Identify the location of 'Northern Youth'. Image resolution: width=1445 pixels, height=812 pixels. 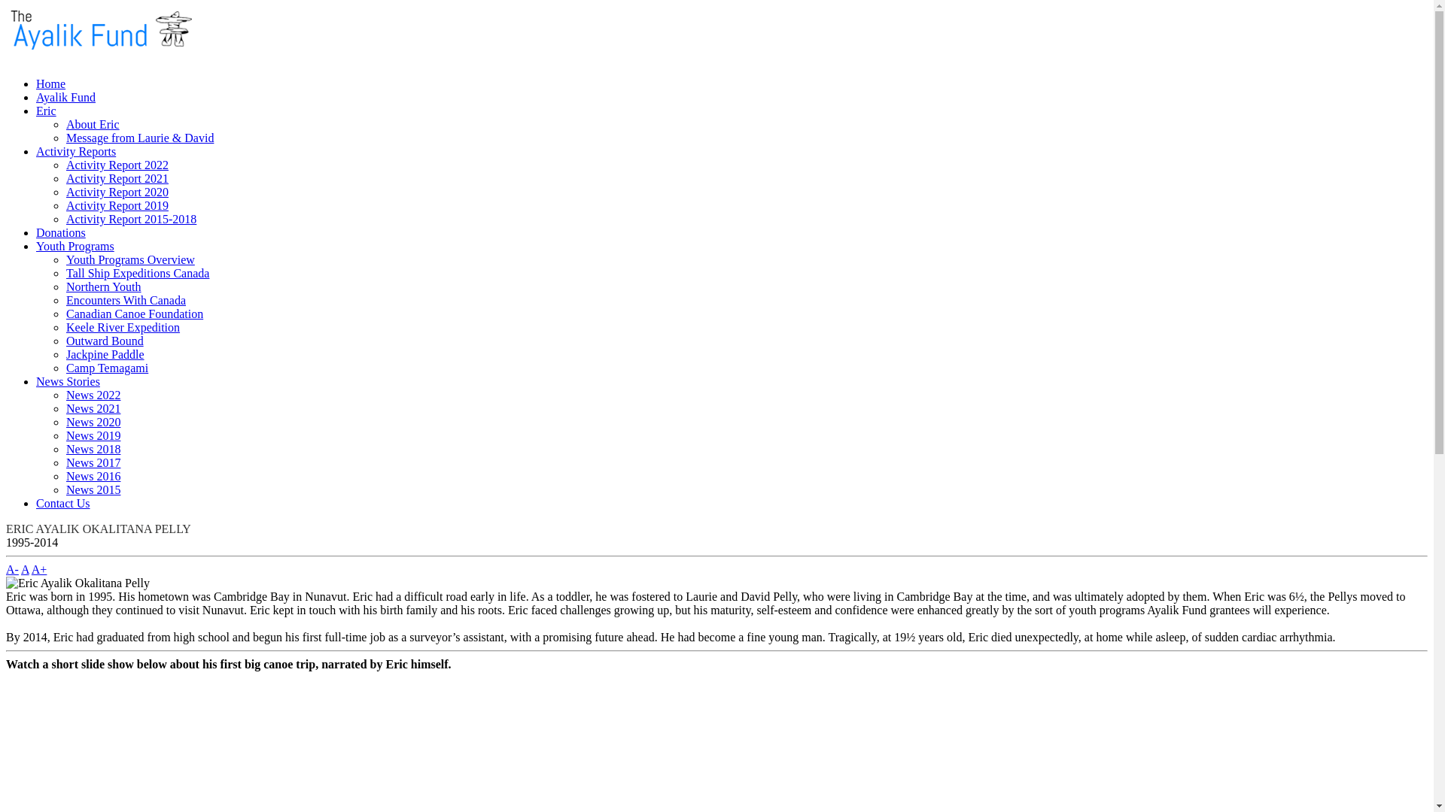
(103, 286).